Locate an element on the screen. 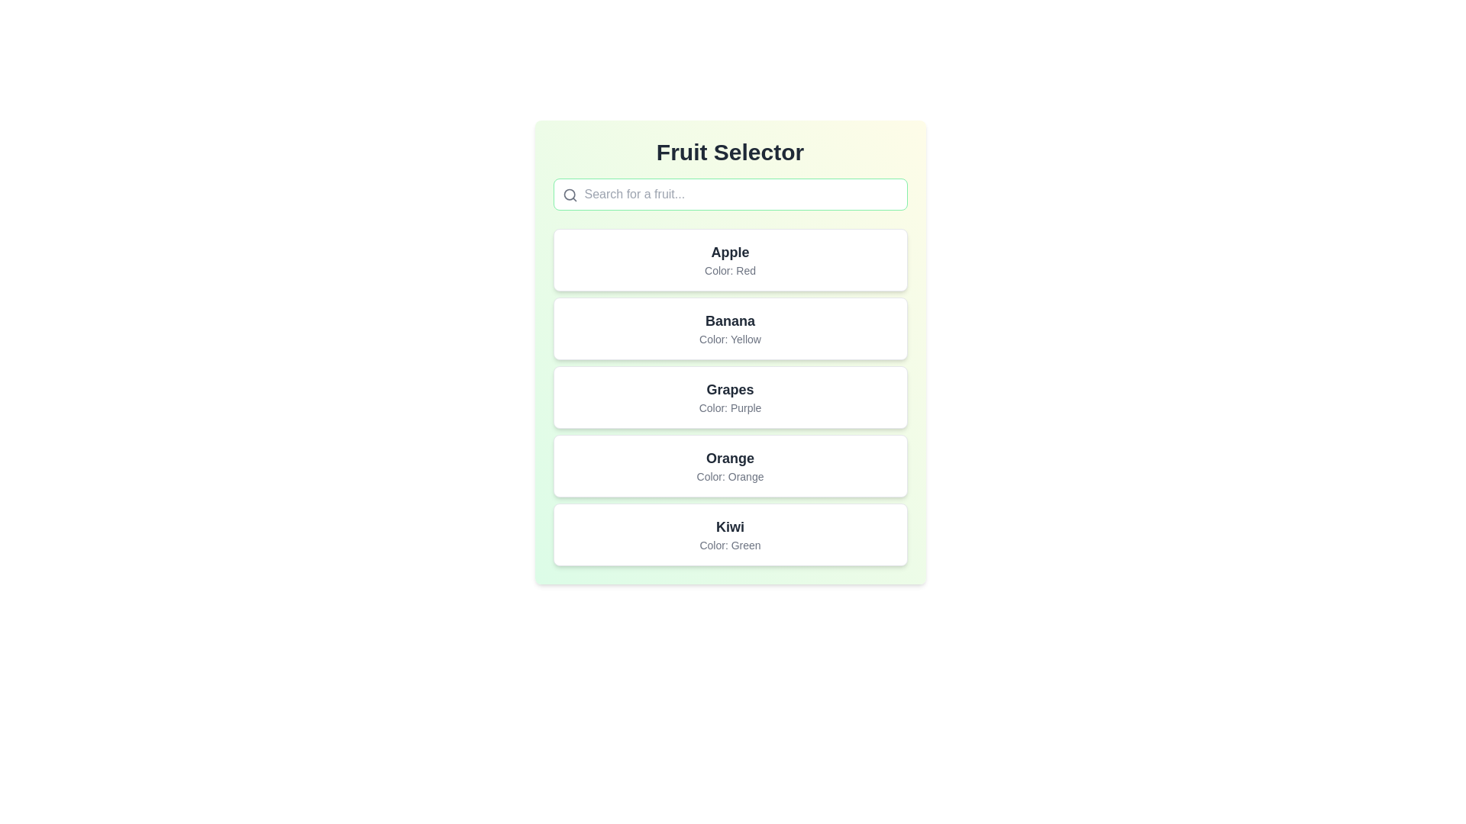 The width and height of the screenshot is (1466, 824). the search icon, which is a circular magnifying glass symbol with a handle, located on the left side of the search input field, slightly overlapping the input field is located at coordinates (569, 194).